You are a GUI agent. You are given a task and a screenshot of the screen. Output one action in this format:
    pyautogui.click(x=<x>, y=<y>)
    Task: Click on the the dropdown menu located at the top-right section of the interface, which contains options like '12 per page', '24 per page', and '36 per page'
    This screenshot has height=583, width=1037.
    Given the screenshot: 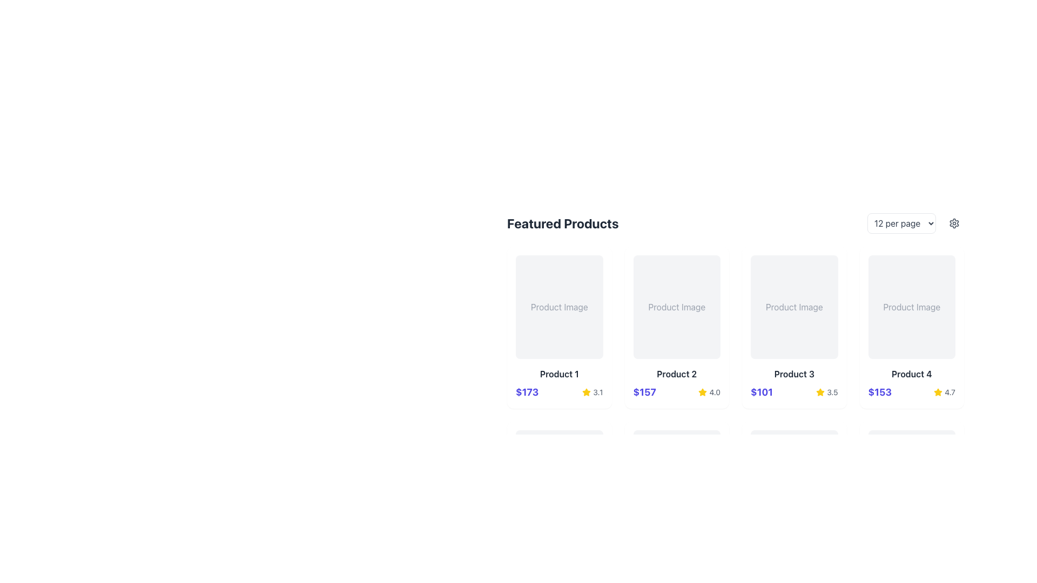 What is the action you would take?
    pyautogui.click(x=901, y=222)
    